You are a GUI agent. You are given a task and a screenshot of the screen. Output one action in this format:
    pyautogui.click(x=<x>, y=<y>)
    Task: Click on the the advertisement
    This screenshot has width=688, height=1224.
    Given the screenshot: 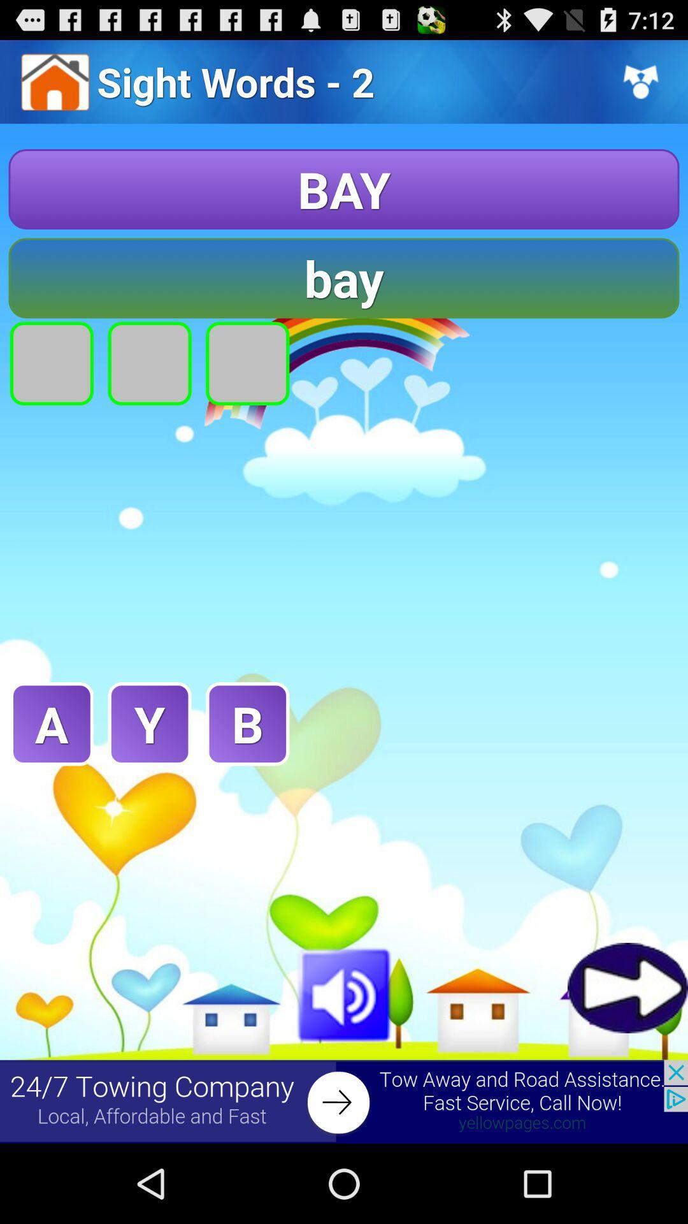 What is the action you would take?
    pyautogui.click(x=344, y=1101)
    